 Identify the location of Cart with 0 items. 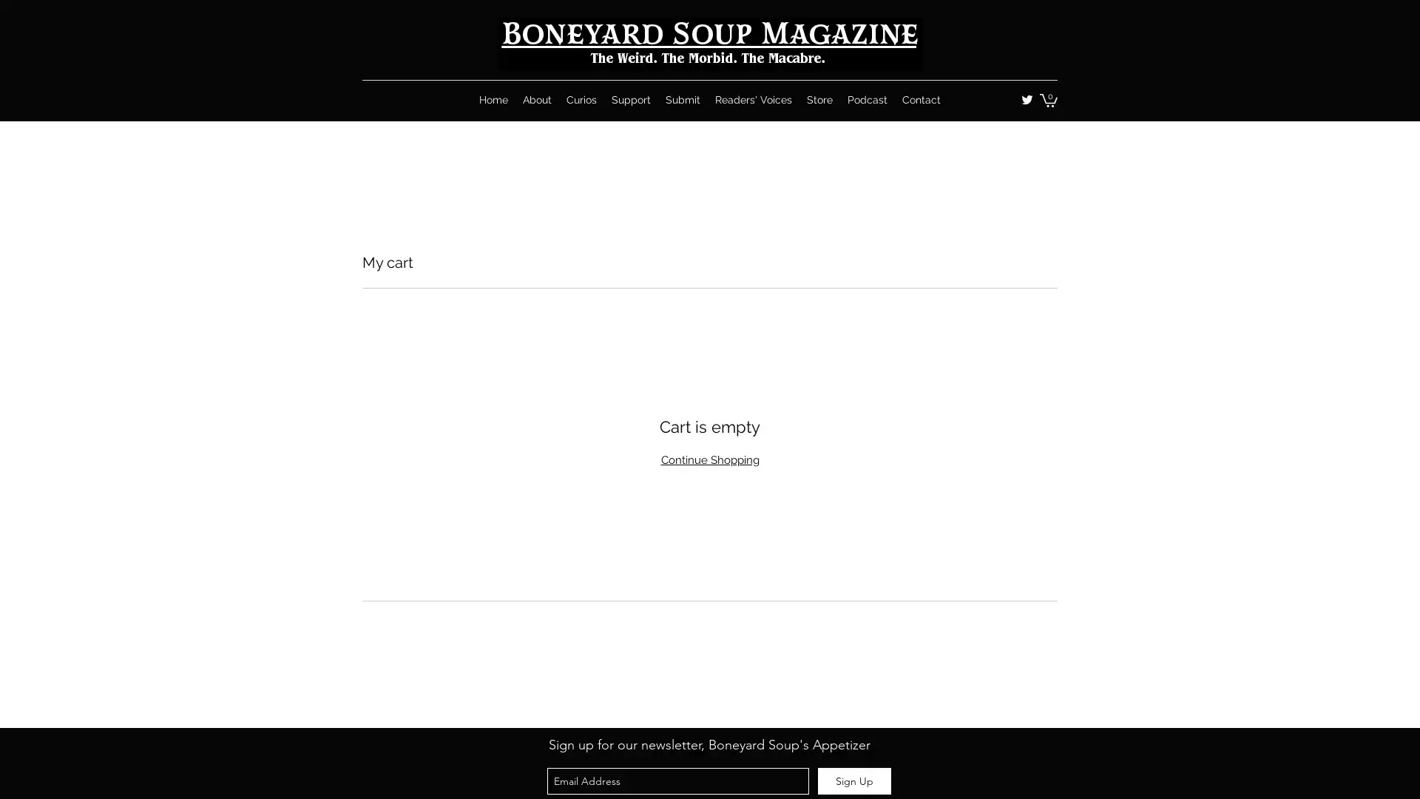
(1047, 100).